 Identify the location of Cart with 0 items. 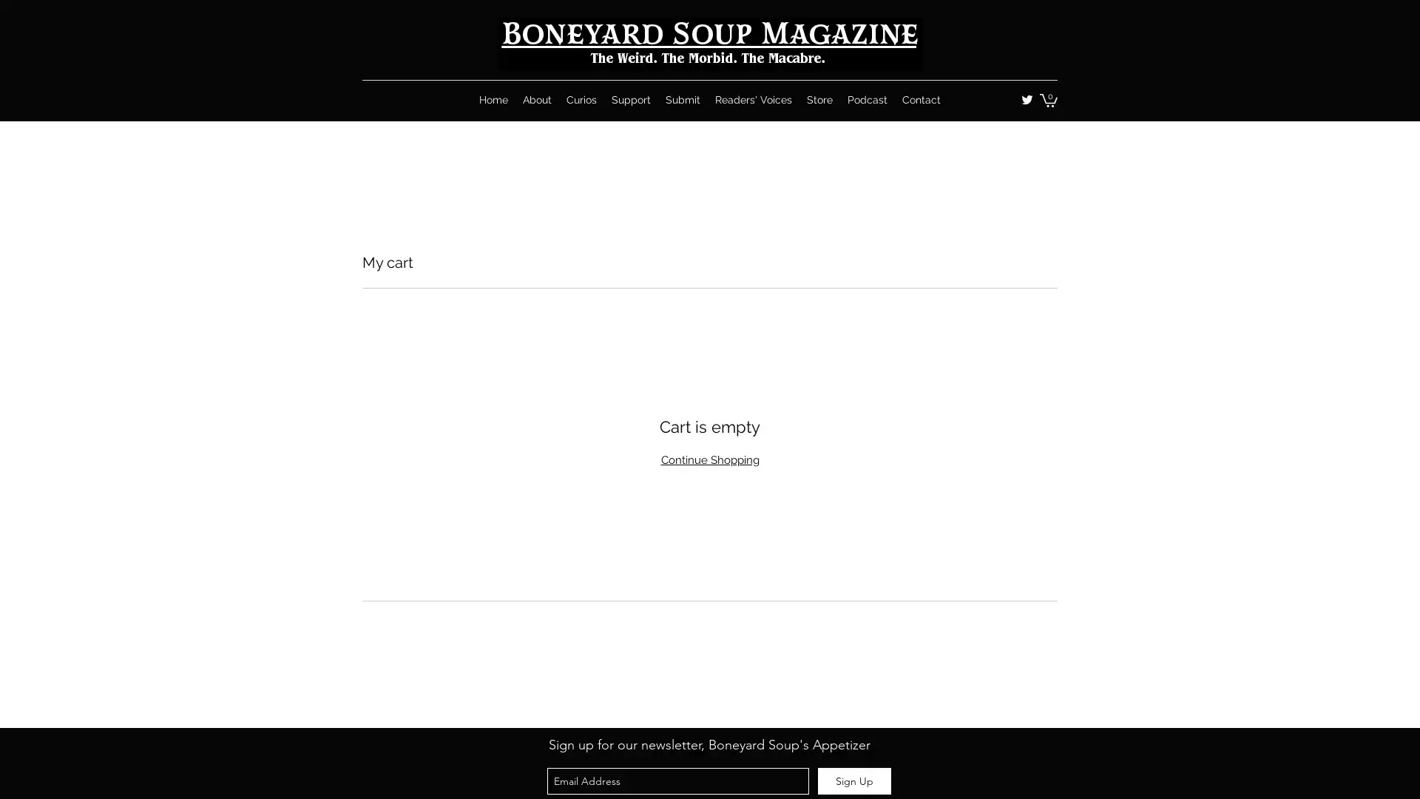
(1047, 100).